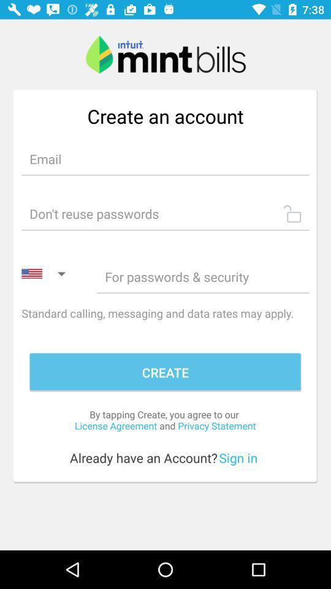  I want to click on password lock, so click(165, 214).